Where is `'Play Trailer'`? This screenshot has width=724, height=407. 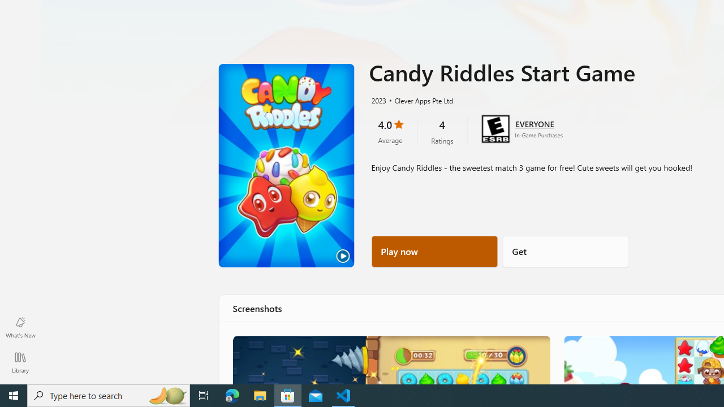
'Play Trailer' is located at coordinates (286, 166).